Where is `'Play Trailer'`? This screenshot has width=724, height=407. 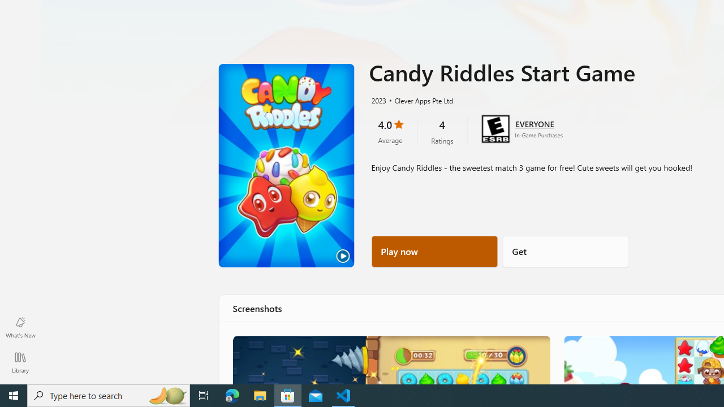
'Play Trailer' is located at coordinates (286, 166).